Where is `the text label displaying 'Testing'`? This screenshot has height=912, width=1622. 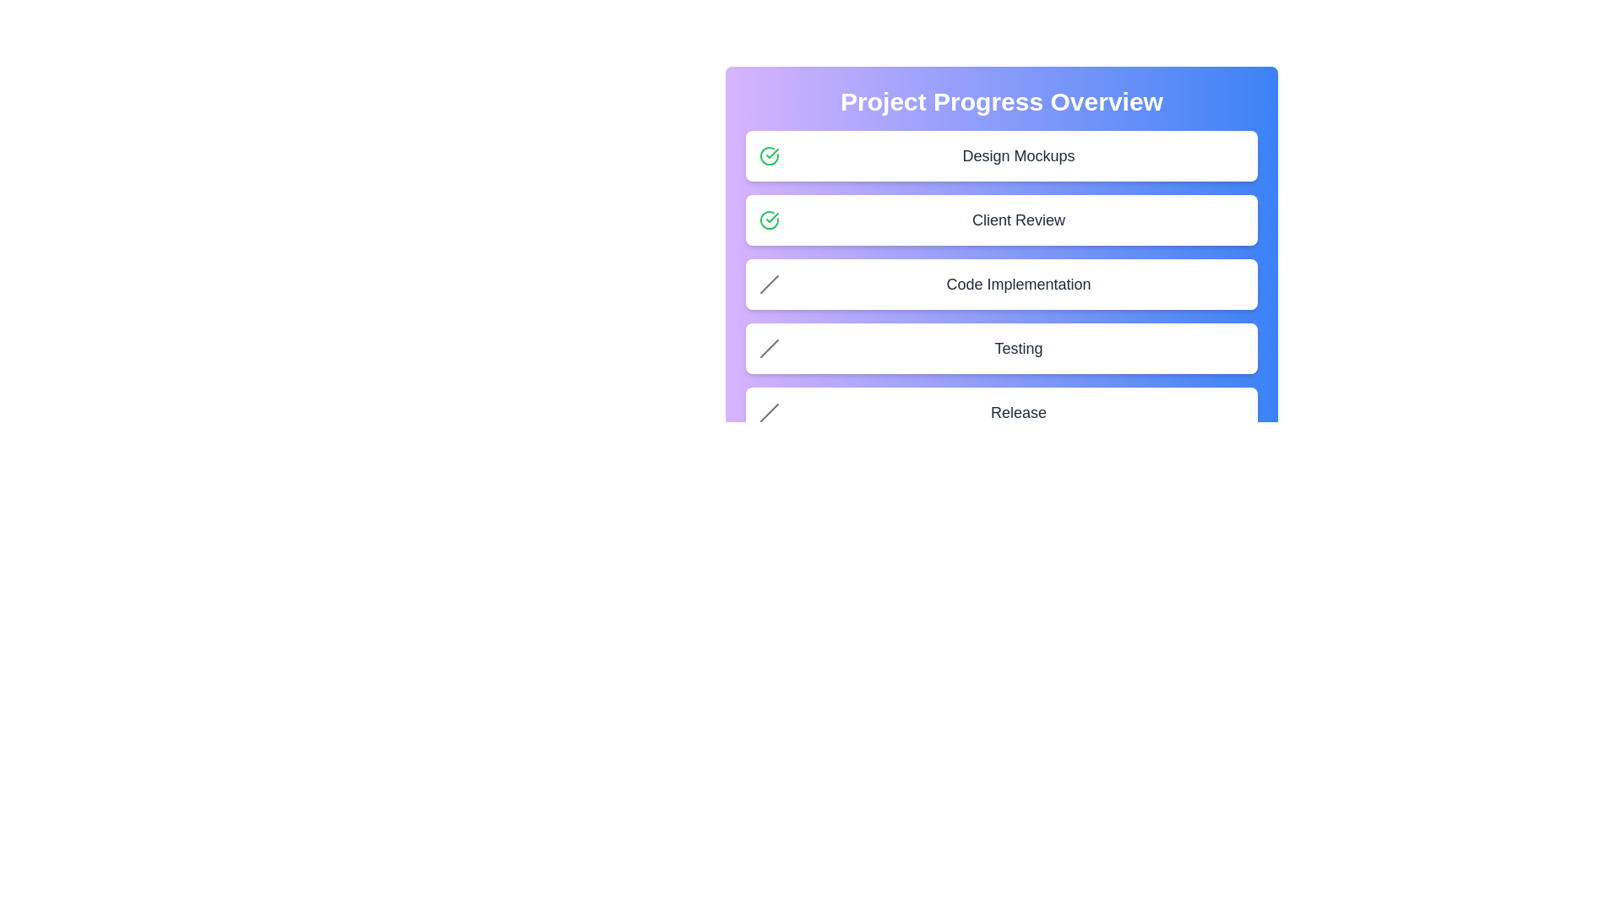 the text label displaying 'Testing' is located at coordinates (1017, 347).